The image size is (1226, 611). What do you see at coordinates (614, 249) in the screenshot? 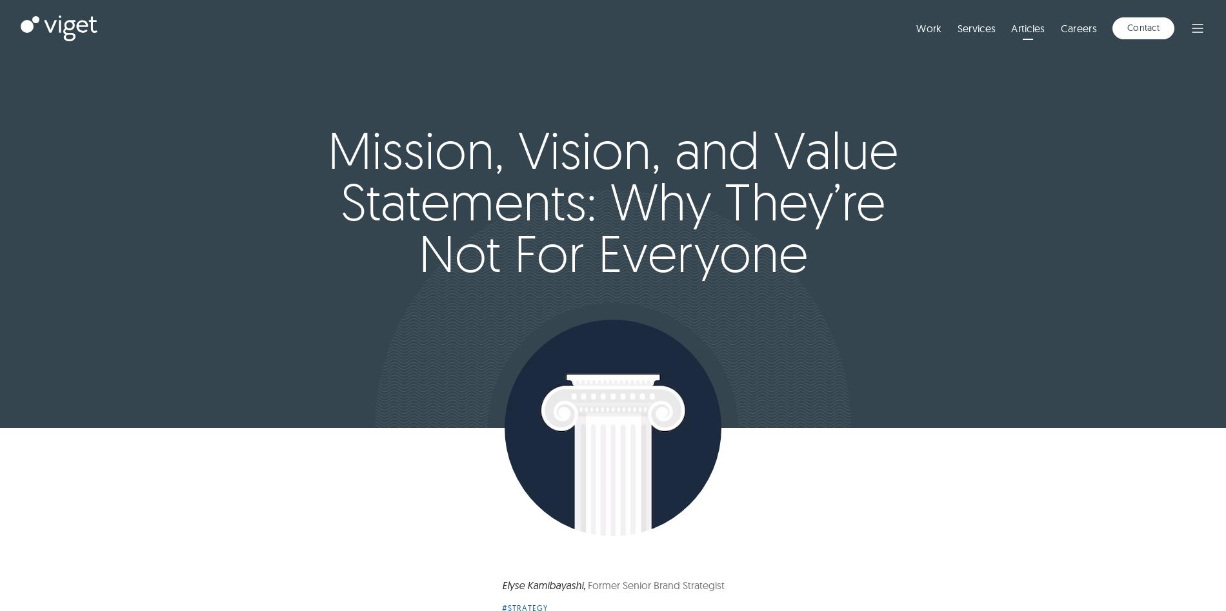
I see `'to gather wood, divide the'` at bounding box center [614, 249].